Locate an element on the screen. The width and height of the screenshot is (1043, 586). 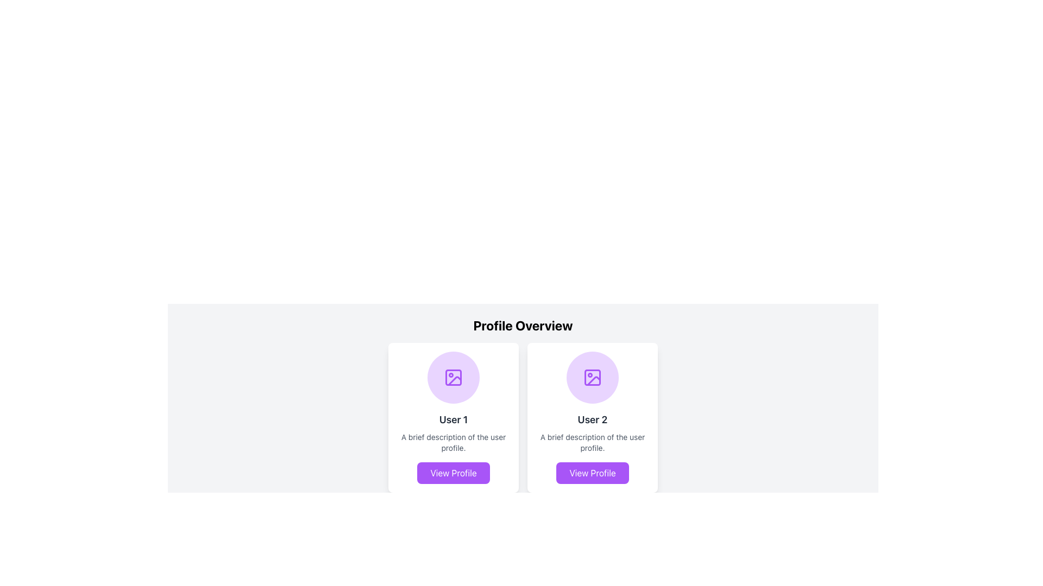
the purple minimalistic outline icon resembling a picture frame with a circular detail inside, located in the top-central part of 'User 1's profile card is located at coordinates (454, 377).